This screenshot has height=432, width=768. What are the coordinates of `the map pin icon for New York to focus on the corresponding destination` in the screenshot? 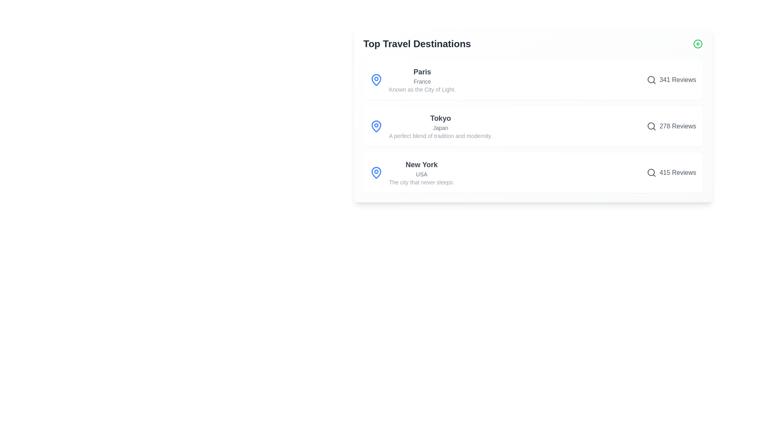 It's located at (376, 172).